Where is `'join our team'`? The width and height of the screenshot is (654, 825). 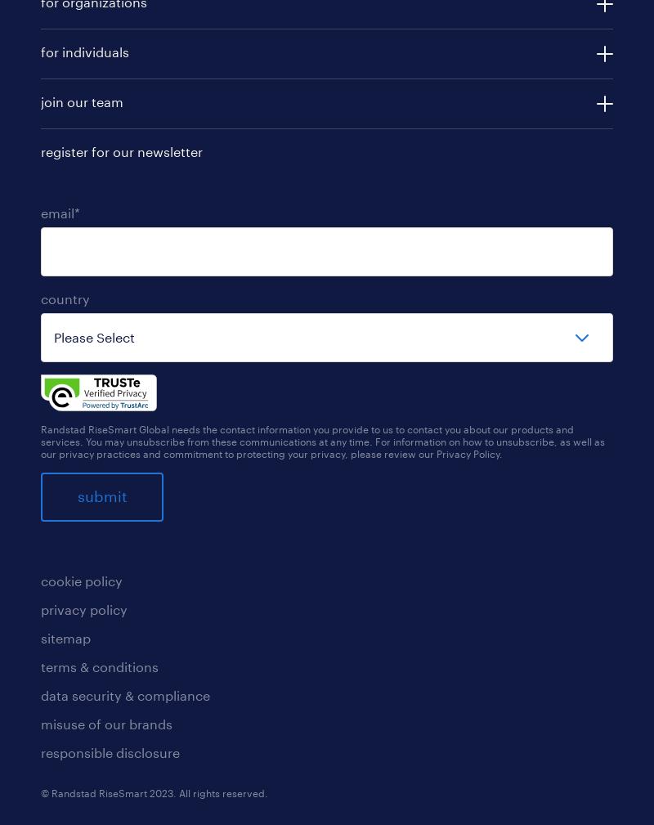 'join our team' is located at coordinates (82, 100).